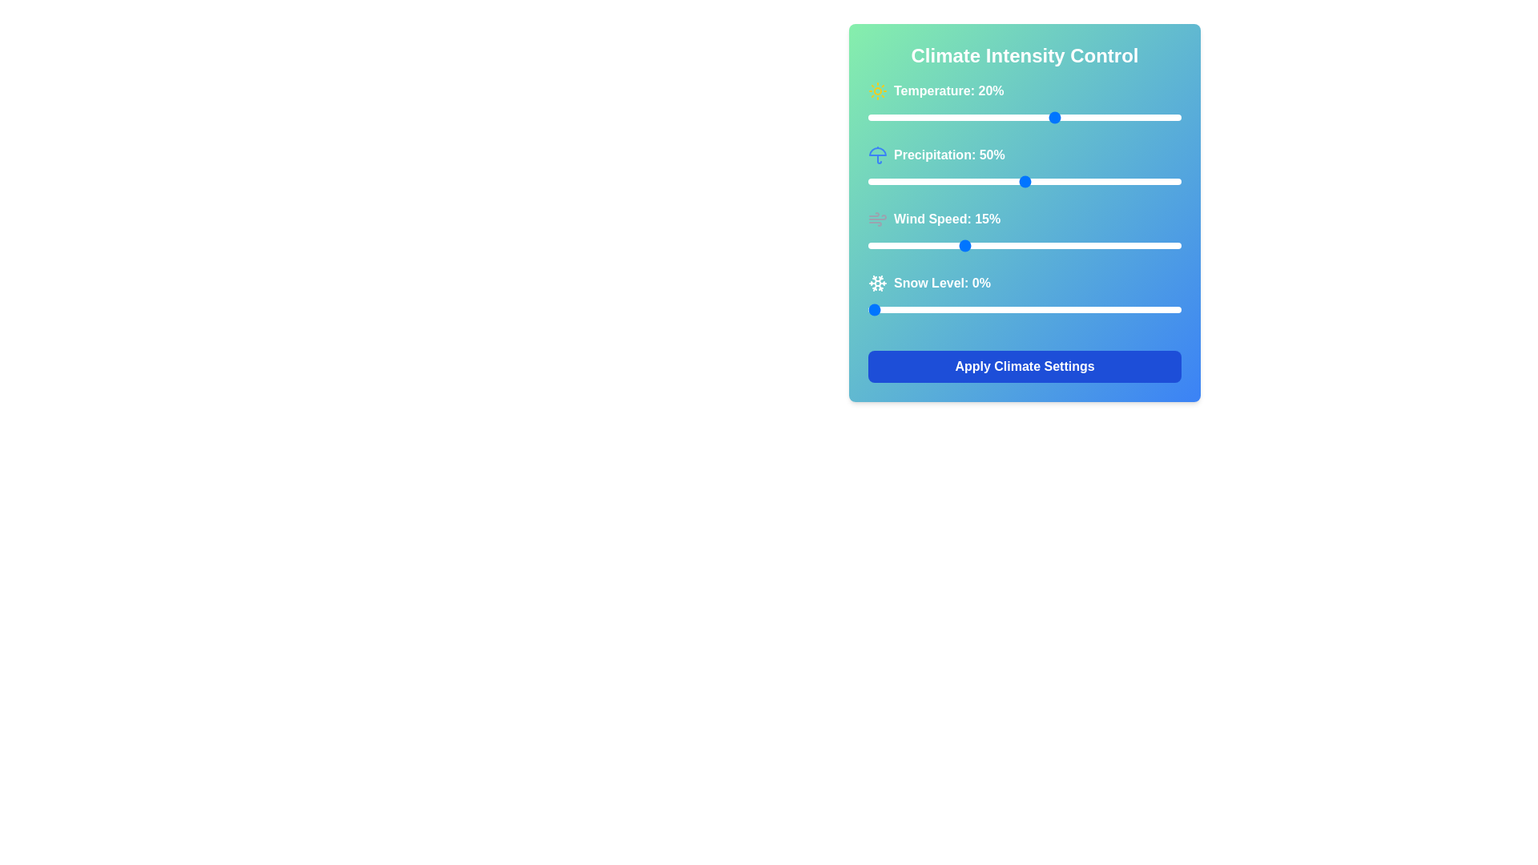 This screenshot has height=865, width=1538. I want to click on the snowflake icon, which is a white SVG icon located in the 'Snow Level' row, to the left of the text 'Snow Level: 0%', so click(876, 283).